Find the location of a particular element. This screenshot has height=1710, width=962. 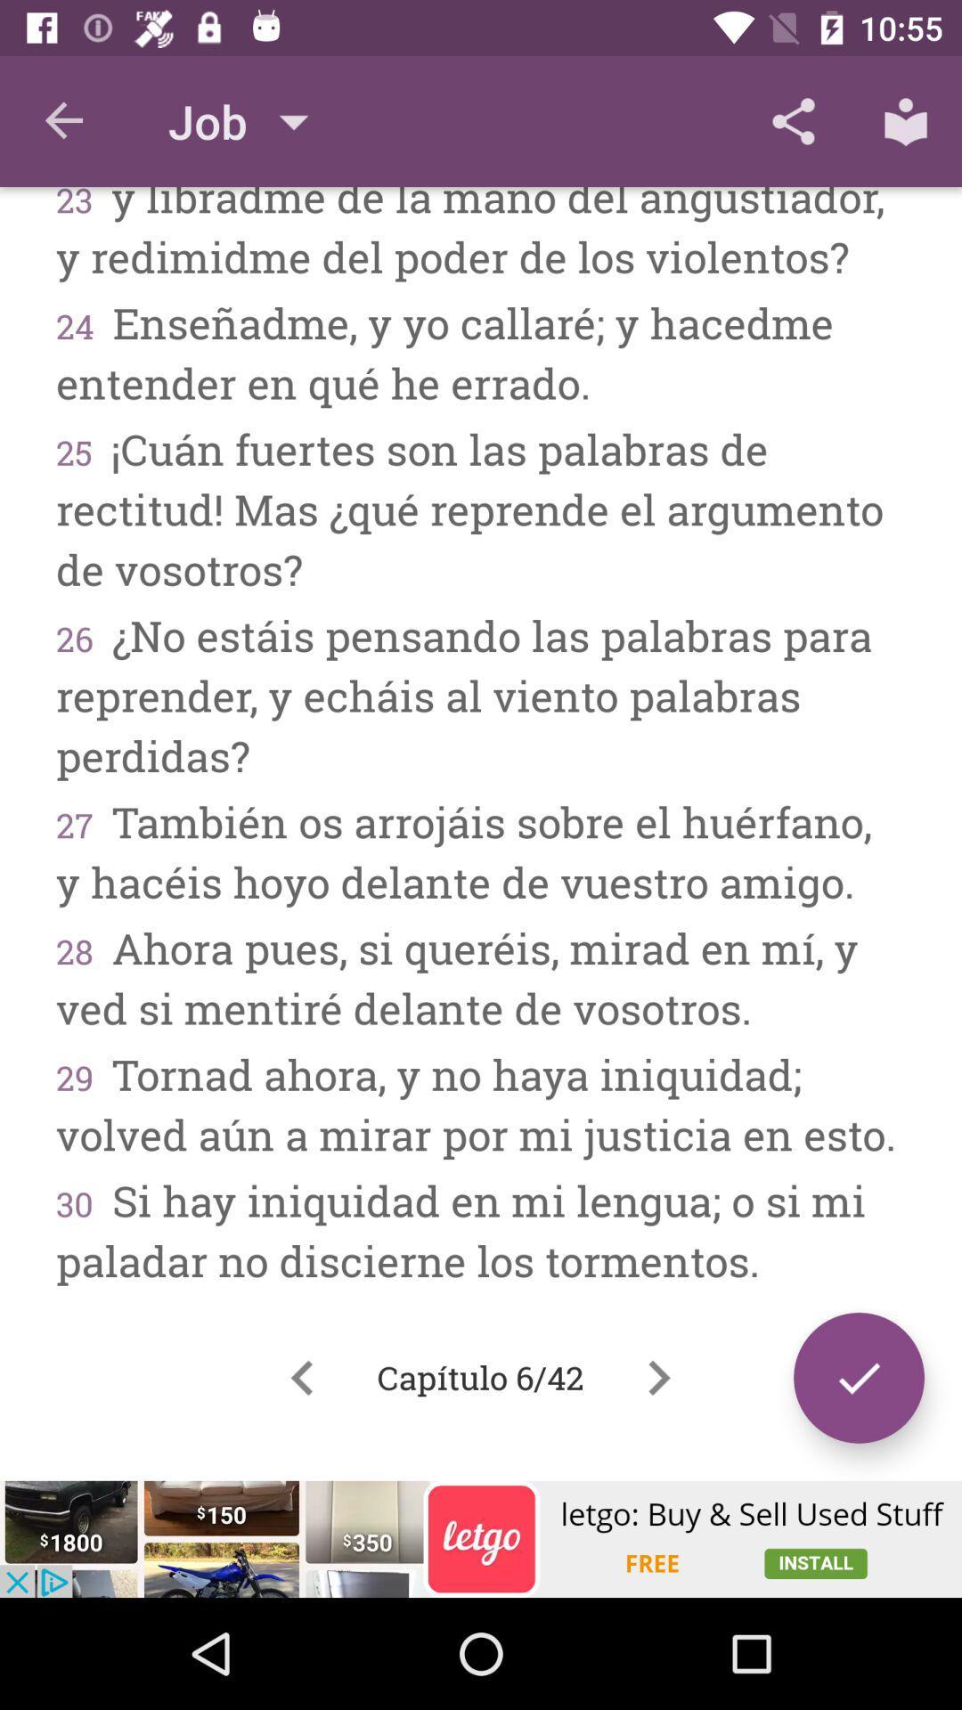

the icon below 30 si hay is located at coordinates (301, 1377).